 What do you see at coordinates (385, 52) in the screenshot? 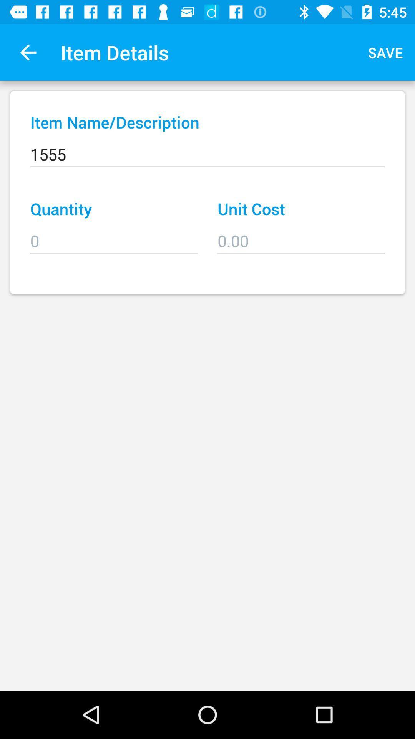
I see `the icon to the right of item details app` at bounding box center [385, 52].